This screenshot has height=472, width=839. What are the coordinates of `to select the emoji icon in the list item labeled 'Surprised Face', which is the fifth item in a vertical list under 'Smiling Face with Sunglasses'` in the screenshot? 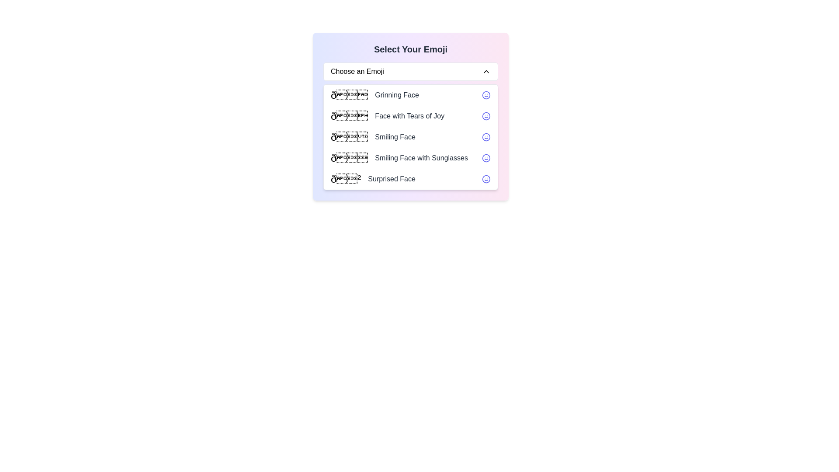 It's located at (373, 178).